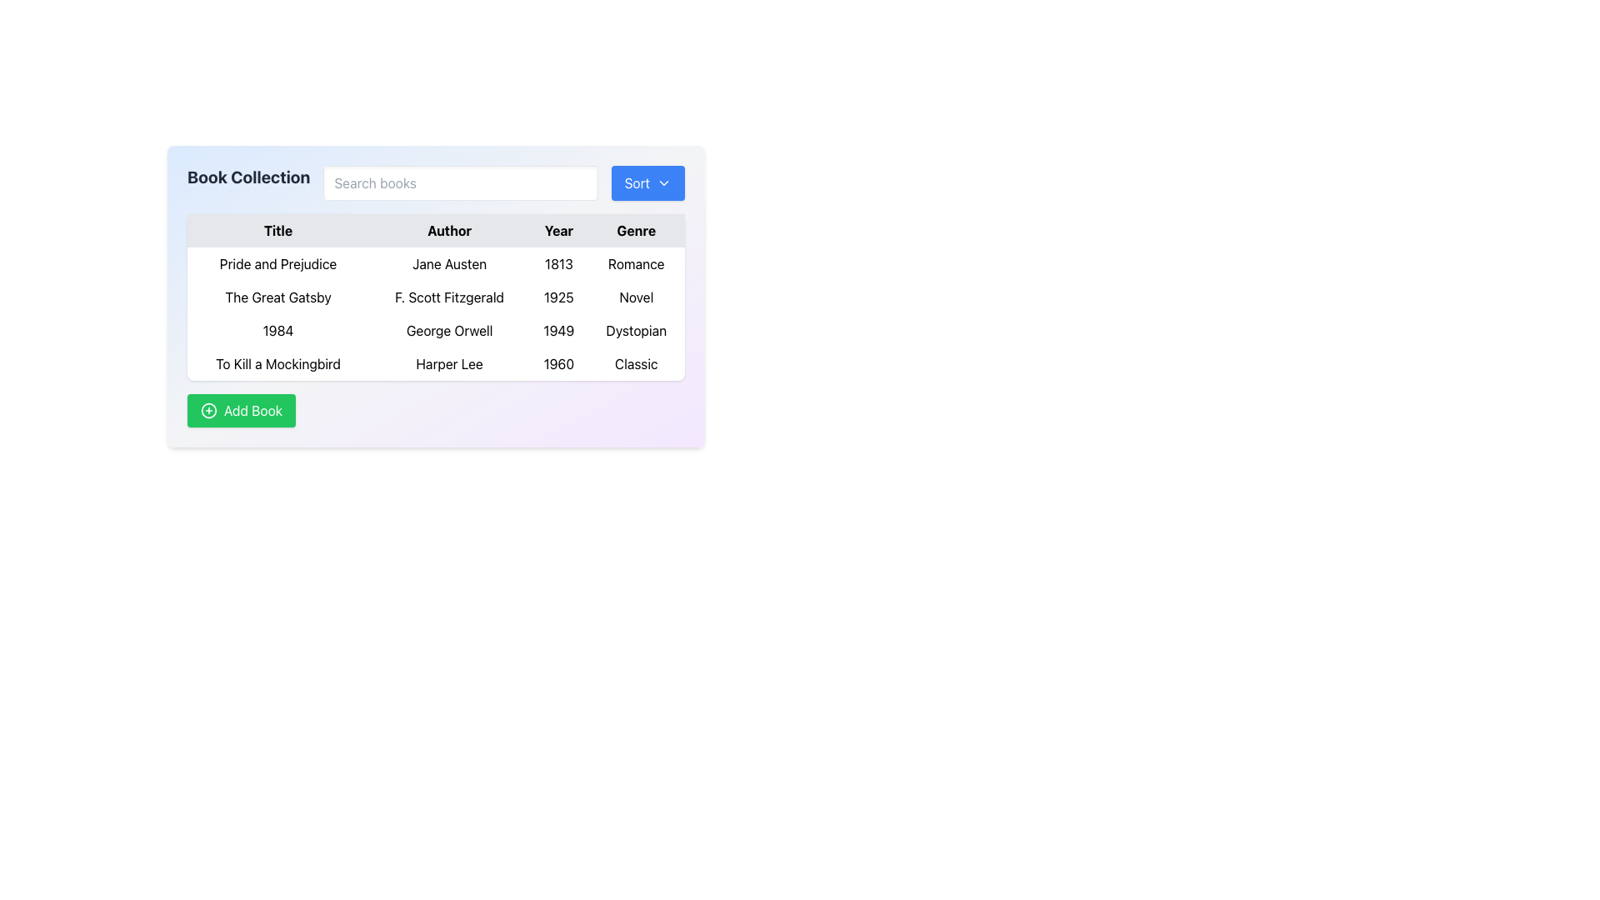 This screenshot has width=1600, height=900. What do you see at coordinates (635, 362) in the screenshot?
I see `non-interactive informational label indicating the genre classification of the book 'To Kill a Mockingbird', located in the 'Genre' column of the table` at bounding box center [635, 362].